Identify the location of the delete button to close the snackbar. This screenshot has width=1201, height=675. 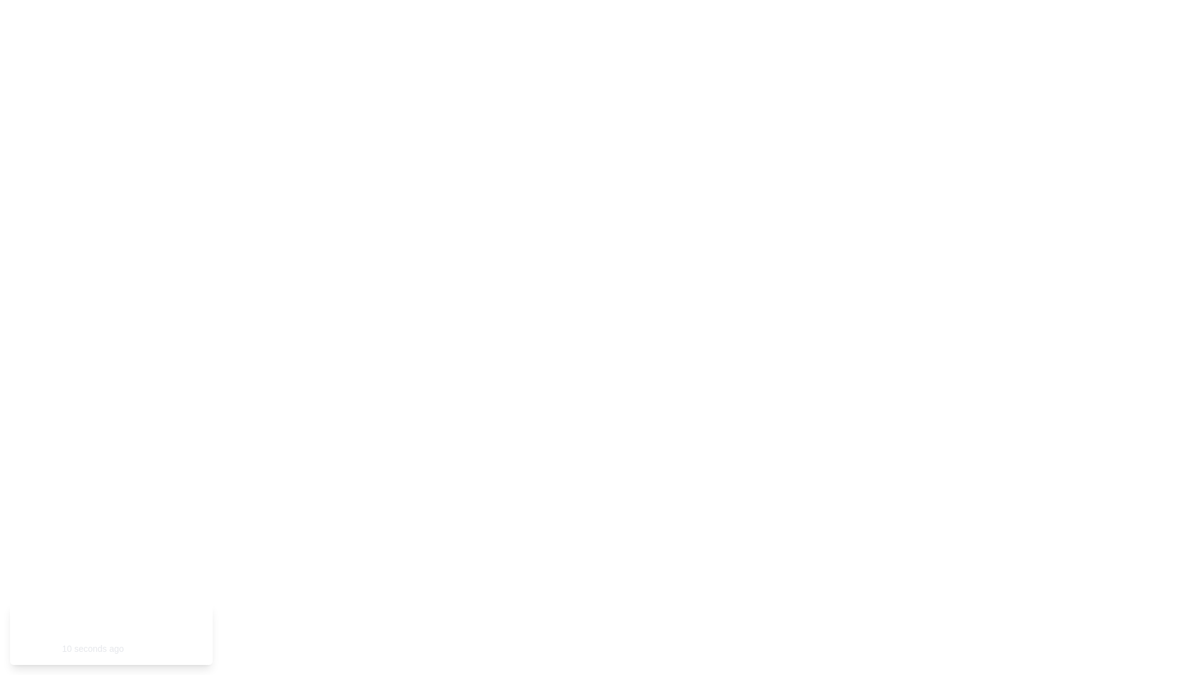
(187, 634).